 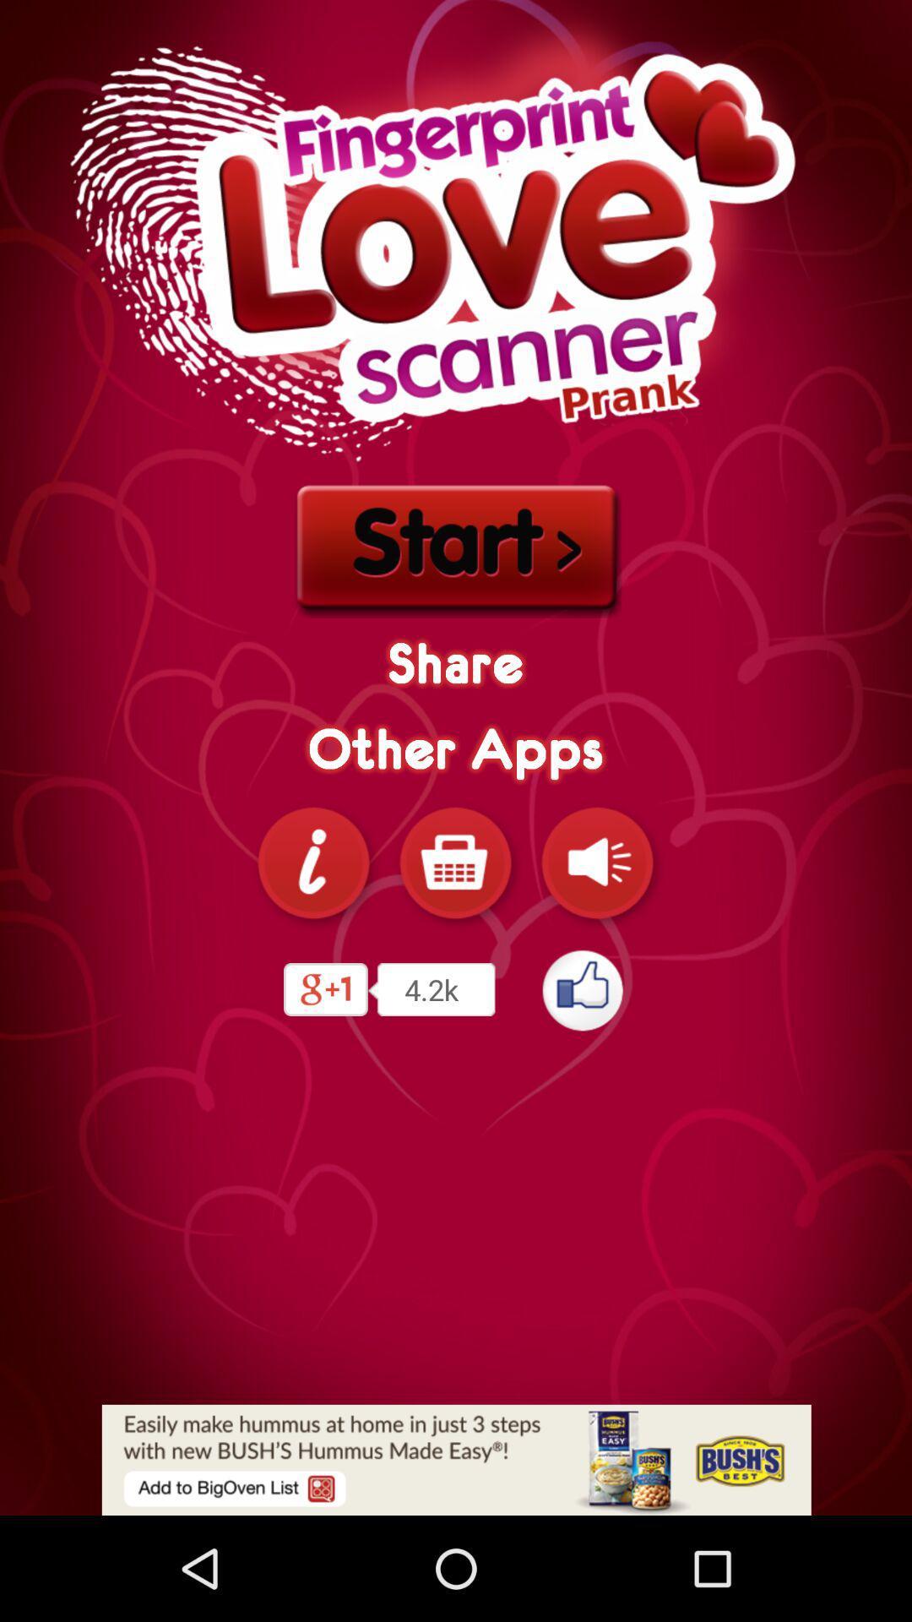 I want to click on thumbs up, so click(x=583, y=989).